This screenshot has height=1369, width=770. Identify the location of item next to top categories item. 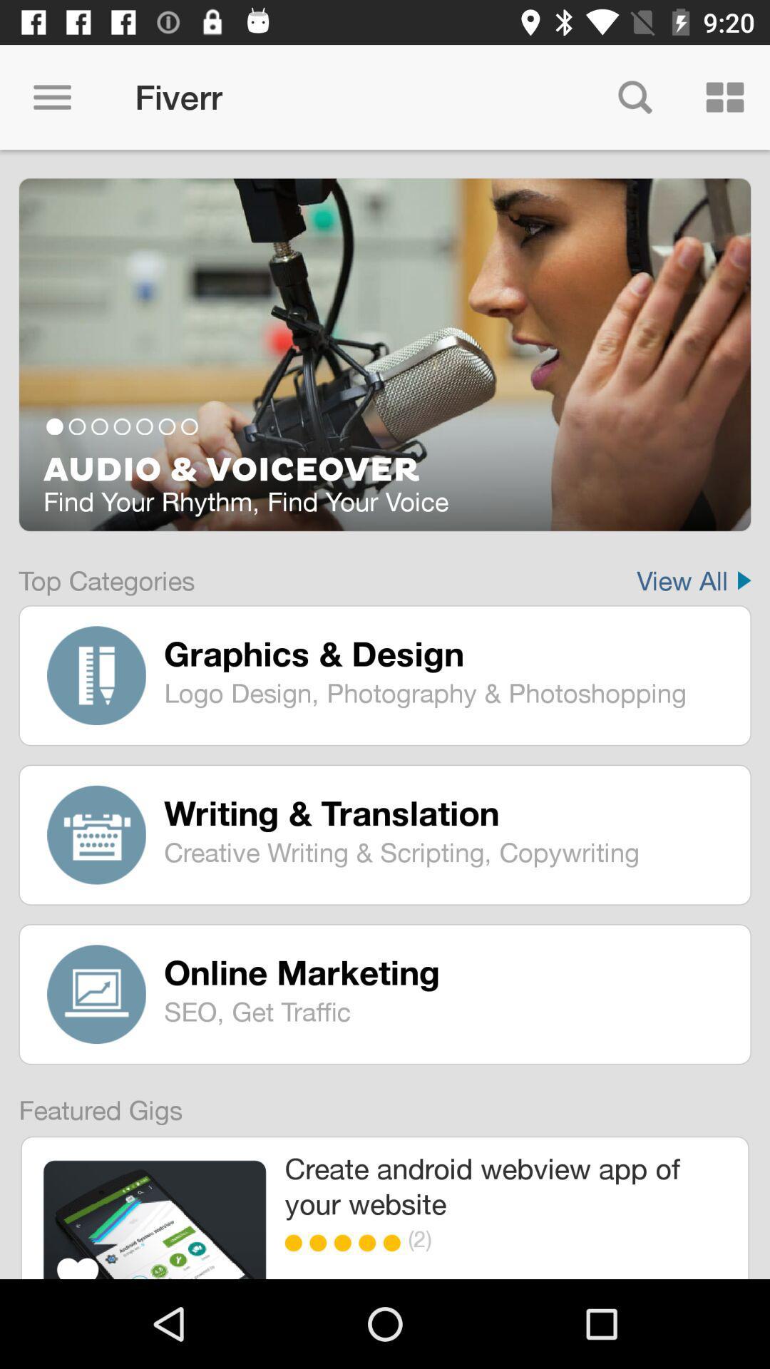
(693, 571).